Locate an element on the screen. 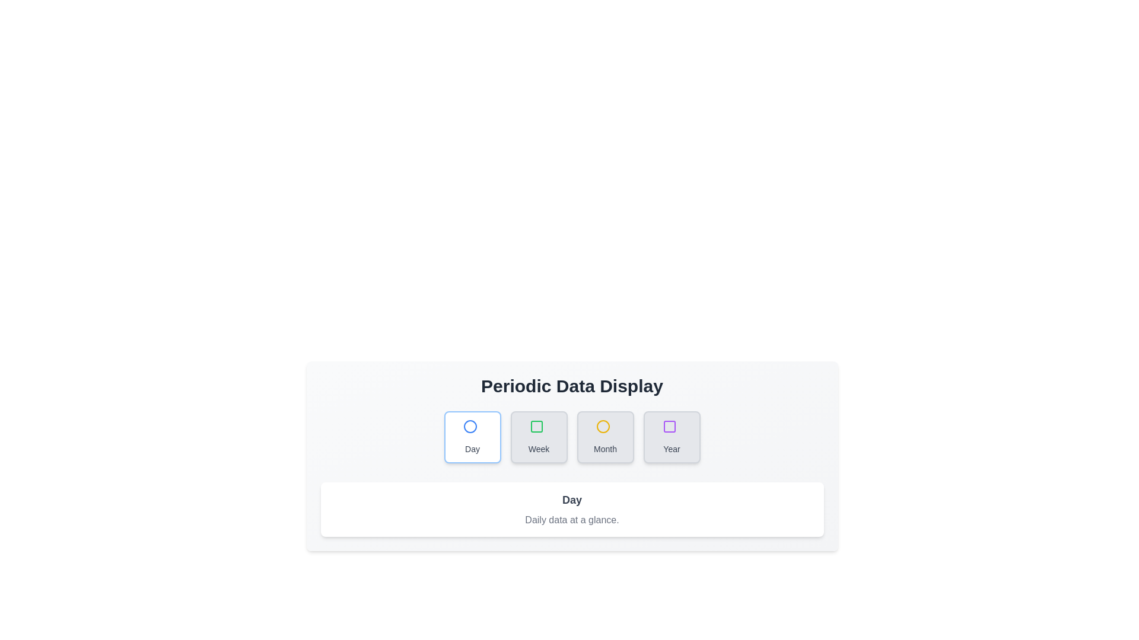 The width and height of the screenshot is (1139, 640). the circular icon with a yellow border located within the 'Month' button, which is the third option in a horizontal layout of four buttons is located at coordinates (605, 429).